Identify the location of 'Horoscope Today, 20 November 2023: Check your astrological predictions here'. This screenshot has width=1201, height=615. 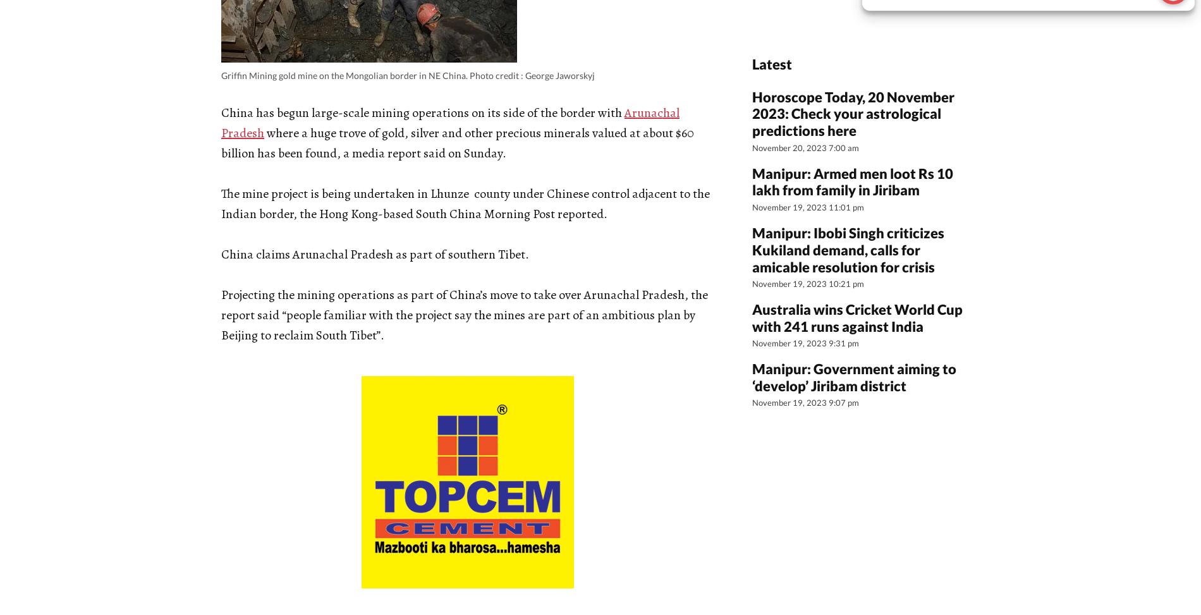
(852, 113).